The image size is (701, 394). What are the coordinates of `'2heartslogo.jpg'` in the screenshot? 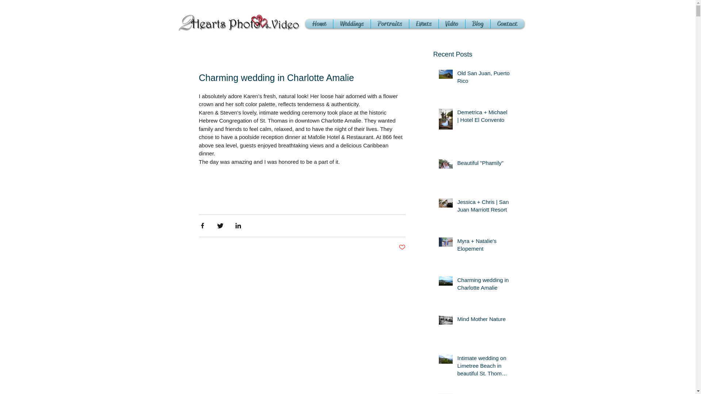 It's located at (238, 22).